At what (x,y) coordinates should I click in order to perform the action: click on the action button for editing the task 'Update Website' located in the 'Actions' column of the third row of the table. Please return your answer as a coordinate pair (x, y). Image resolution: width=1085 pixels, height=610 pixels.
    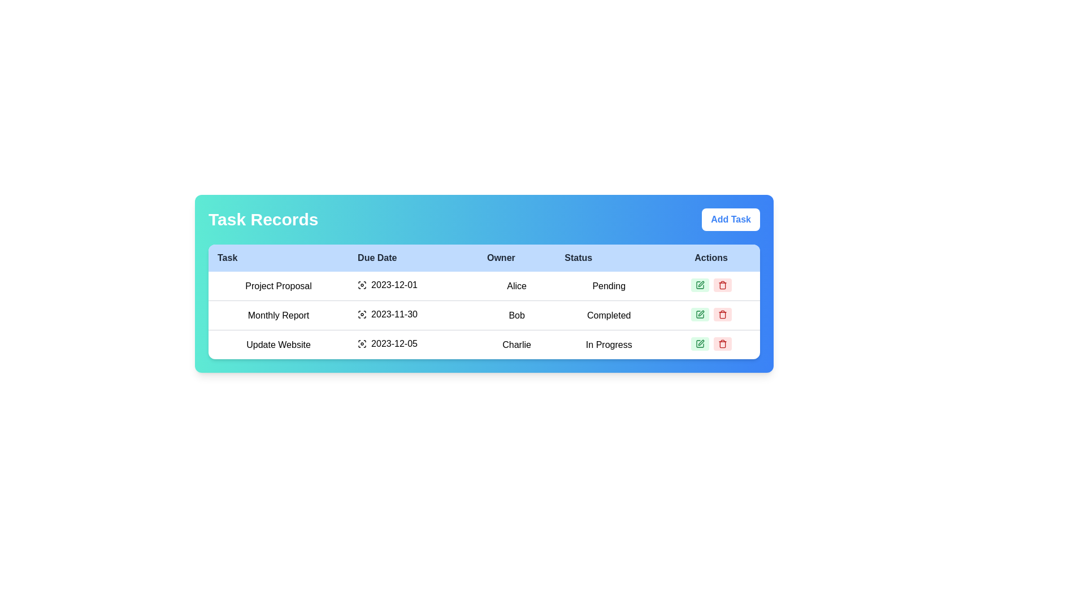
    Looking at the image, I should click on (700, 342).